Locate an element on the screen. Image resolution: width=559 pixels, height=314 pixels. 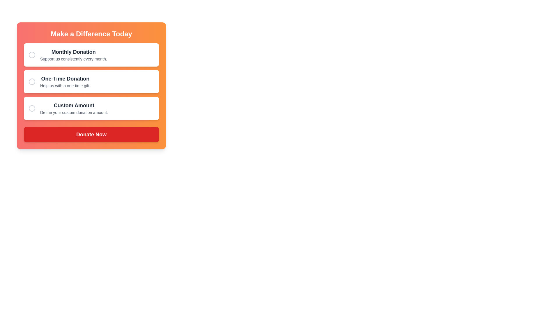
the rectangular red 'Donate Now' button with white bold text at the bottom of the donation options card to confirm the action is located at coordinates (91, 134).